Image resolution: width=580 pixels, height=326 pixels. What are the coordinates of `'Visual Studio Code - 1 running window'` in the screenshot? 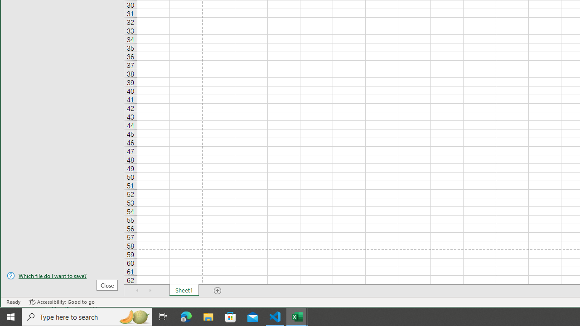 It's located at (275, 316).